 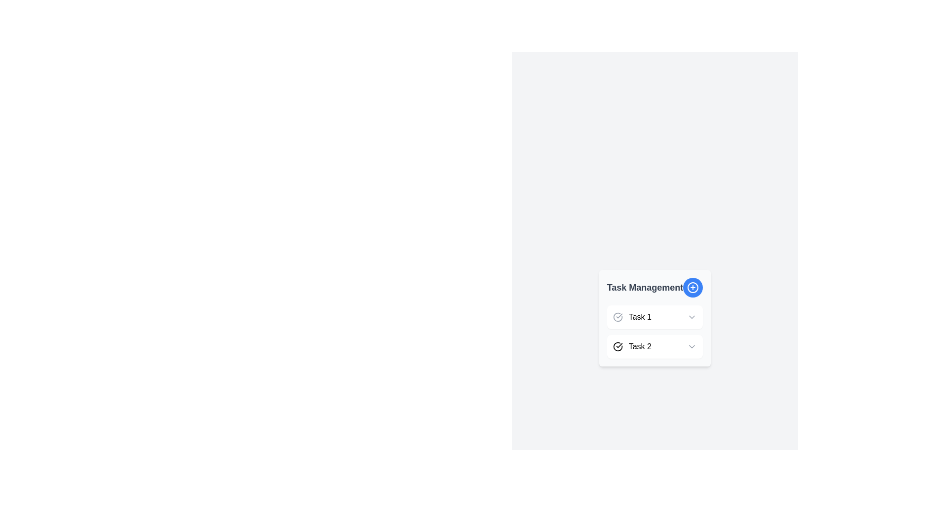 What do you see at coordinates (640, 317) in the screenshot?
I see `the text element displaying 'Task 1' which is located in the task list under the 'Task Management' heading, to the right of an empty checkbox icon` at bounding box center [640, 317].